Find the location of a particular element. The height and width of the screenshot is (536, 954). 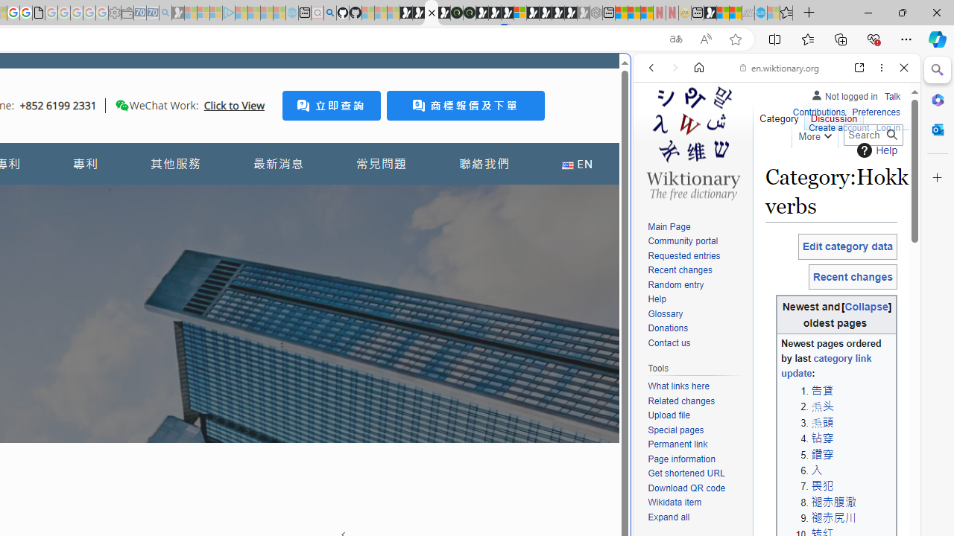

'Community portal' is located at coordinates (682, 240).